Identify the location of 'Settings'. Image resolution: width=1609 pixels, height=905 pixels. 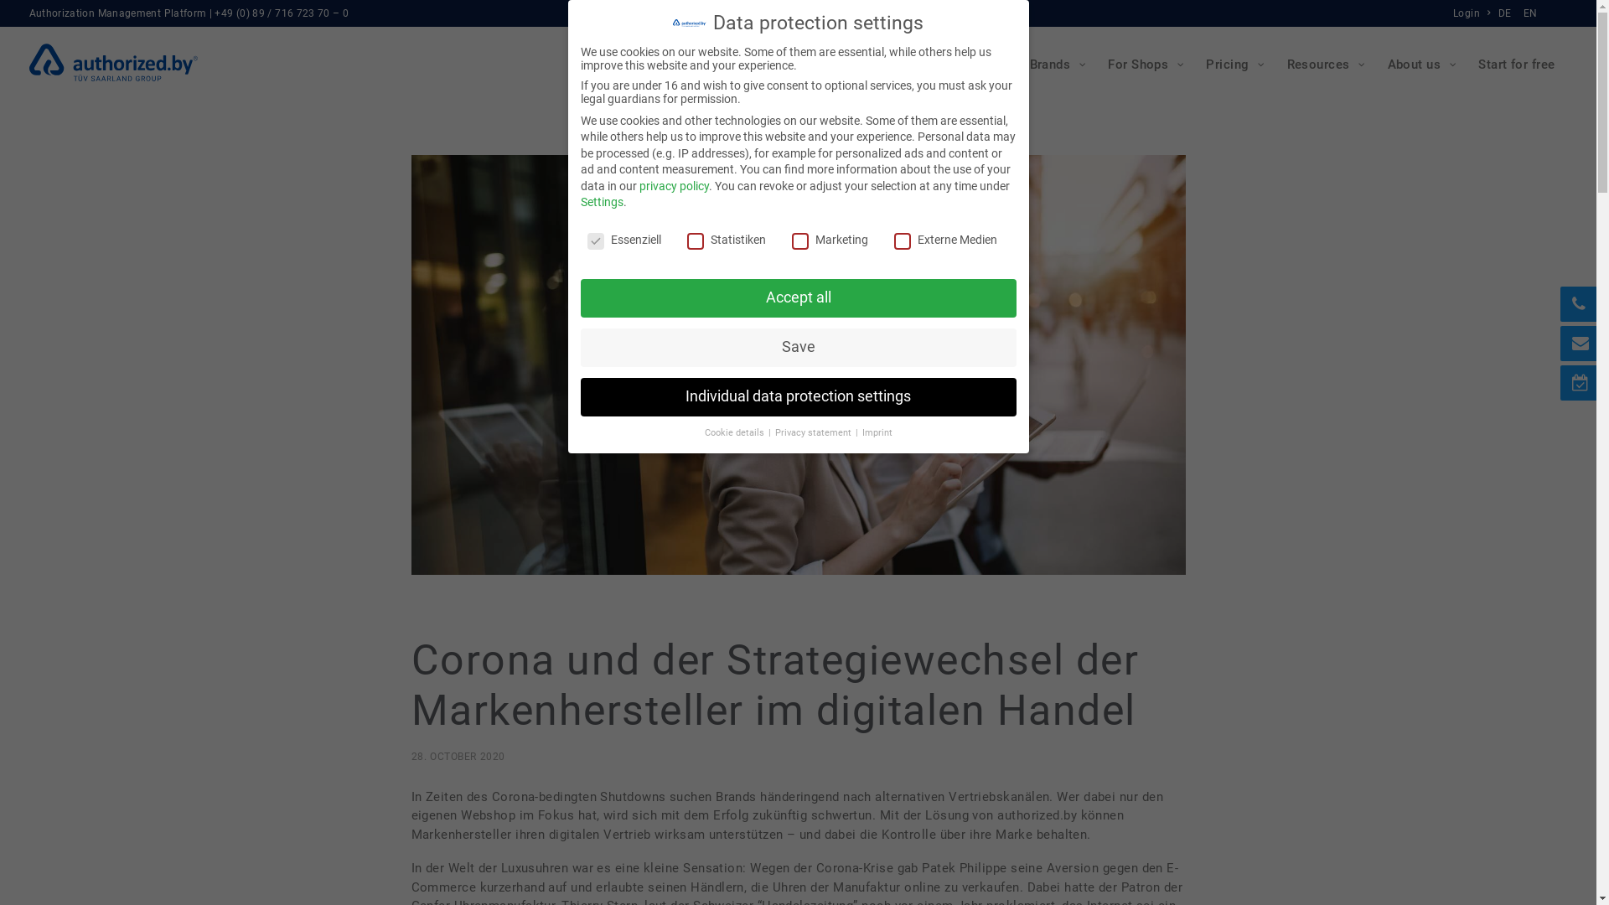
(601, 200).